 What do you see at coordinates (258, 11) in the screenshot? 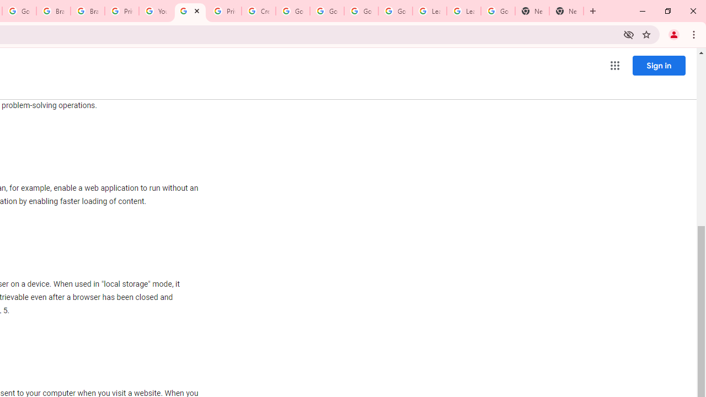
I see `'Create your Google Account'` at bounding box center [258, 11].